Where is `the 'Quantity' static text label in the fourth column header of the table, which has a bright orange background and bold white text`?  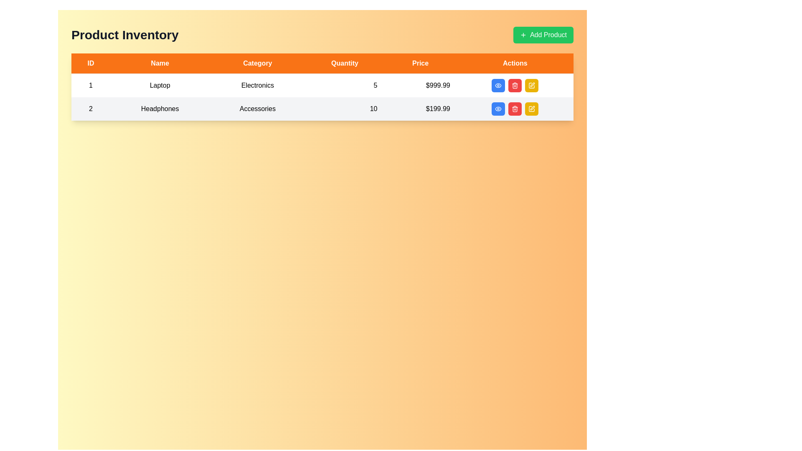 the 'Quantity' static text label in the fourth column header of the table, which has a bright orange background and bold white text is located at coordinates (345, 63).